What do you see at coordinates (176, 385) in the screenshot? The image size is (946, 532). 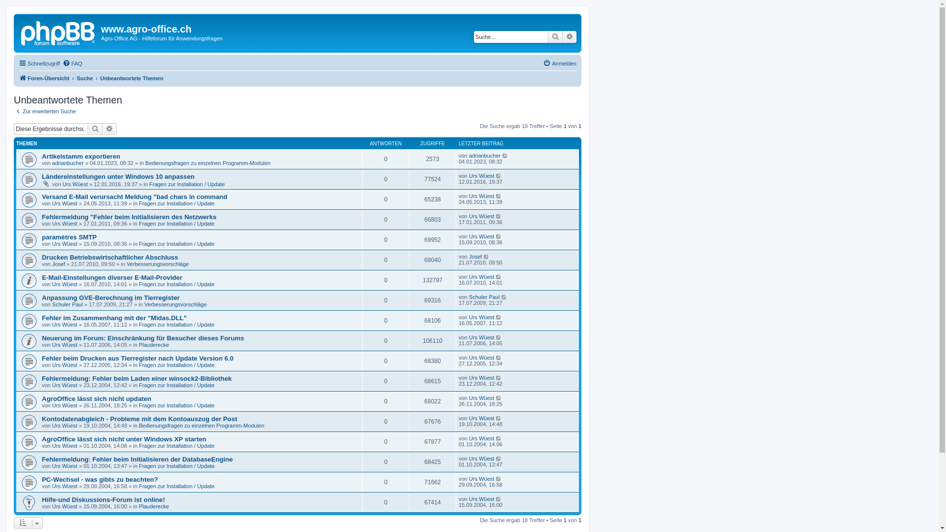 I see `'Fragen zur Installation / Update'` at bounding box center [176, 385].